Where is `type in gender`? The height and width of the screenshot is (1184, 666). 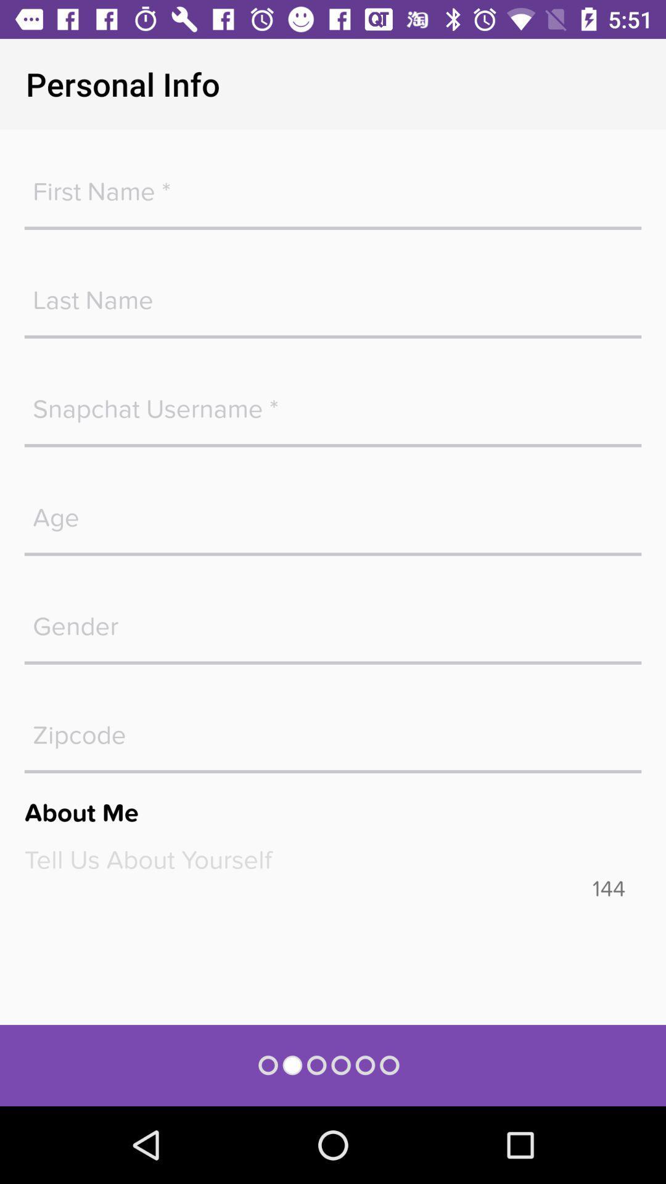
type in gender is located at coordinates (333, 620).